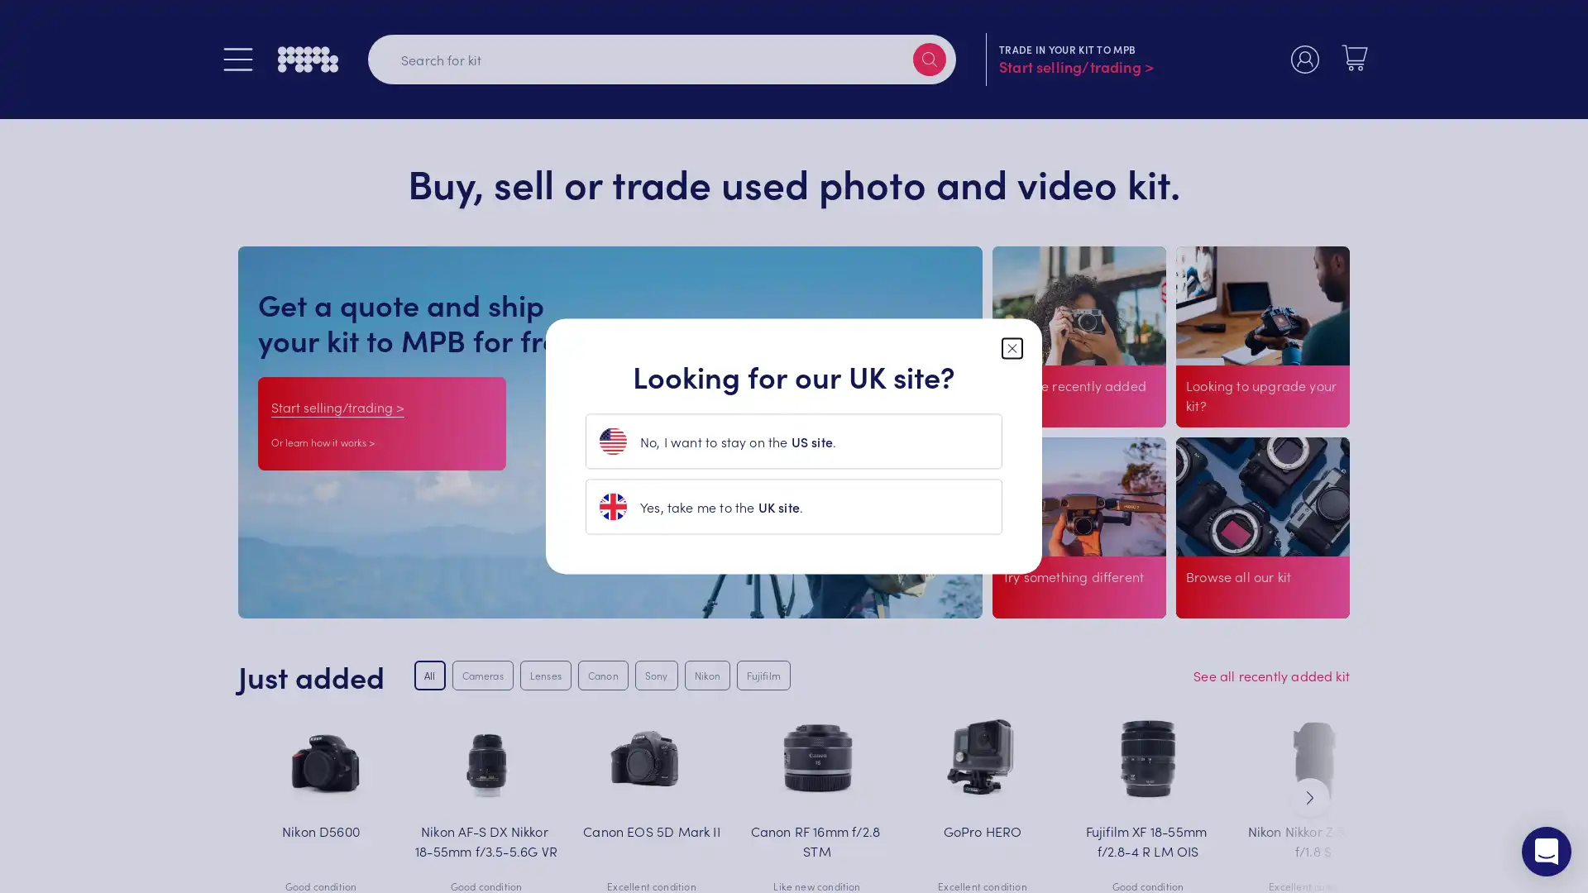 The width and height of the screenshot is (1588, 893). I want to click on Or learn how it works >, so click(323, 441).